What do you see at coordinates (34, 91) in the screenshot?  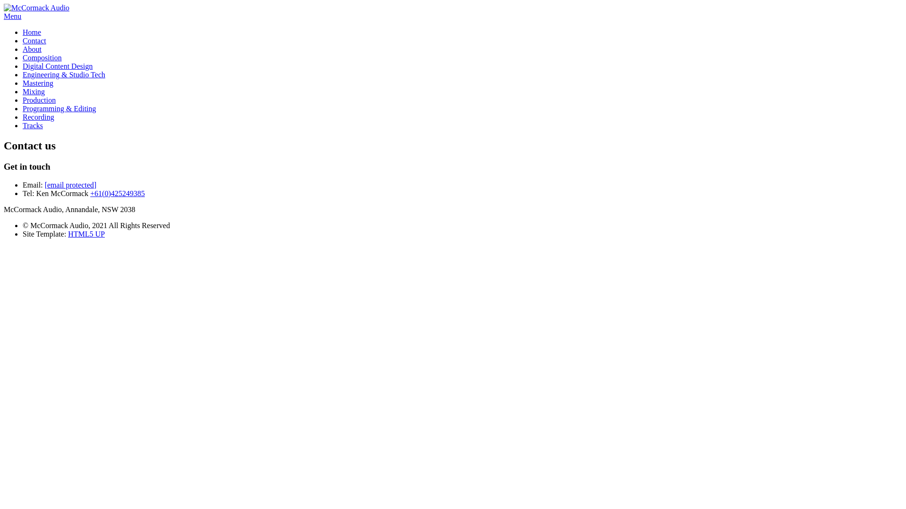 I see `'Mixing'` at bounding box center [34, 91].